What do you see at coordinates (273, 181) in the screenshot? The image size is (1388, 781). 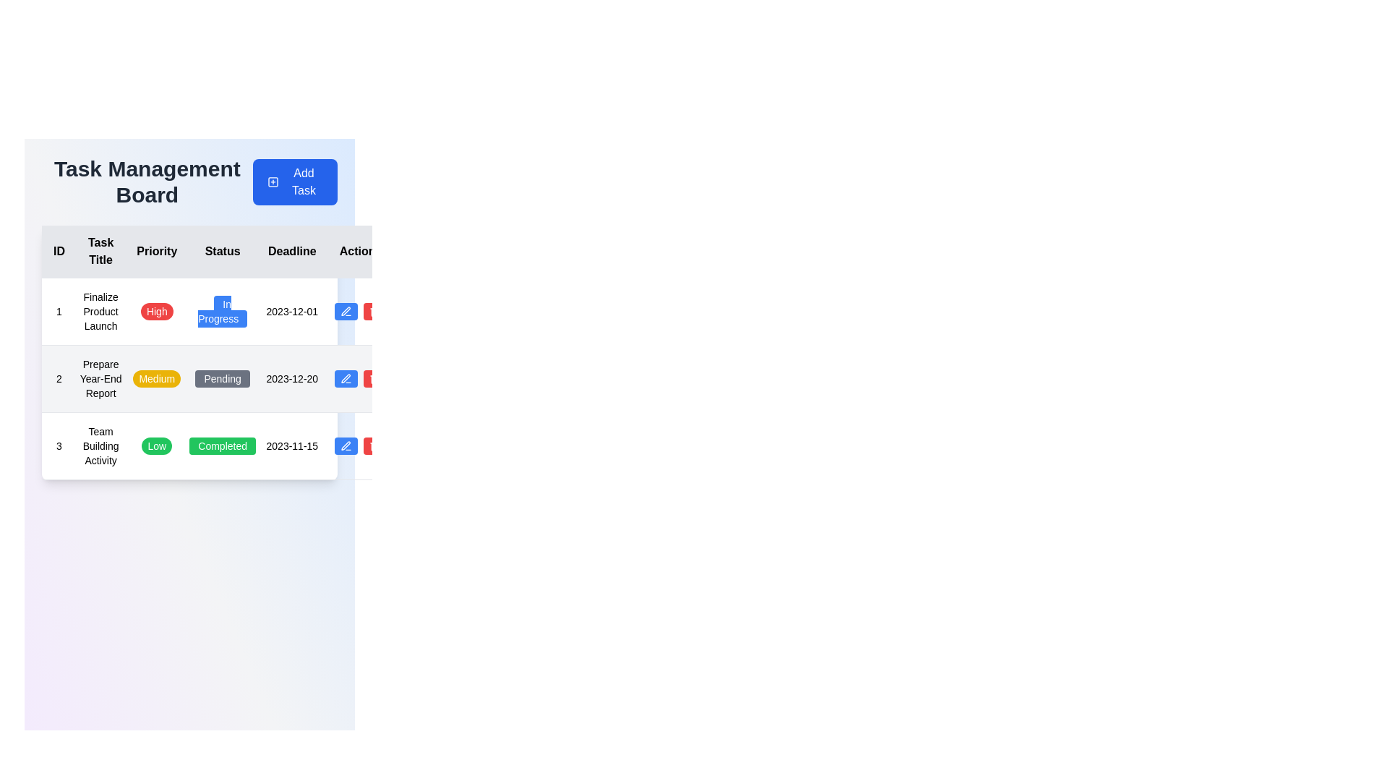 I see `the decorative square background of the 'Add Task' button located in the top-right corner of the interface` at bounding box center [273, 181].